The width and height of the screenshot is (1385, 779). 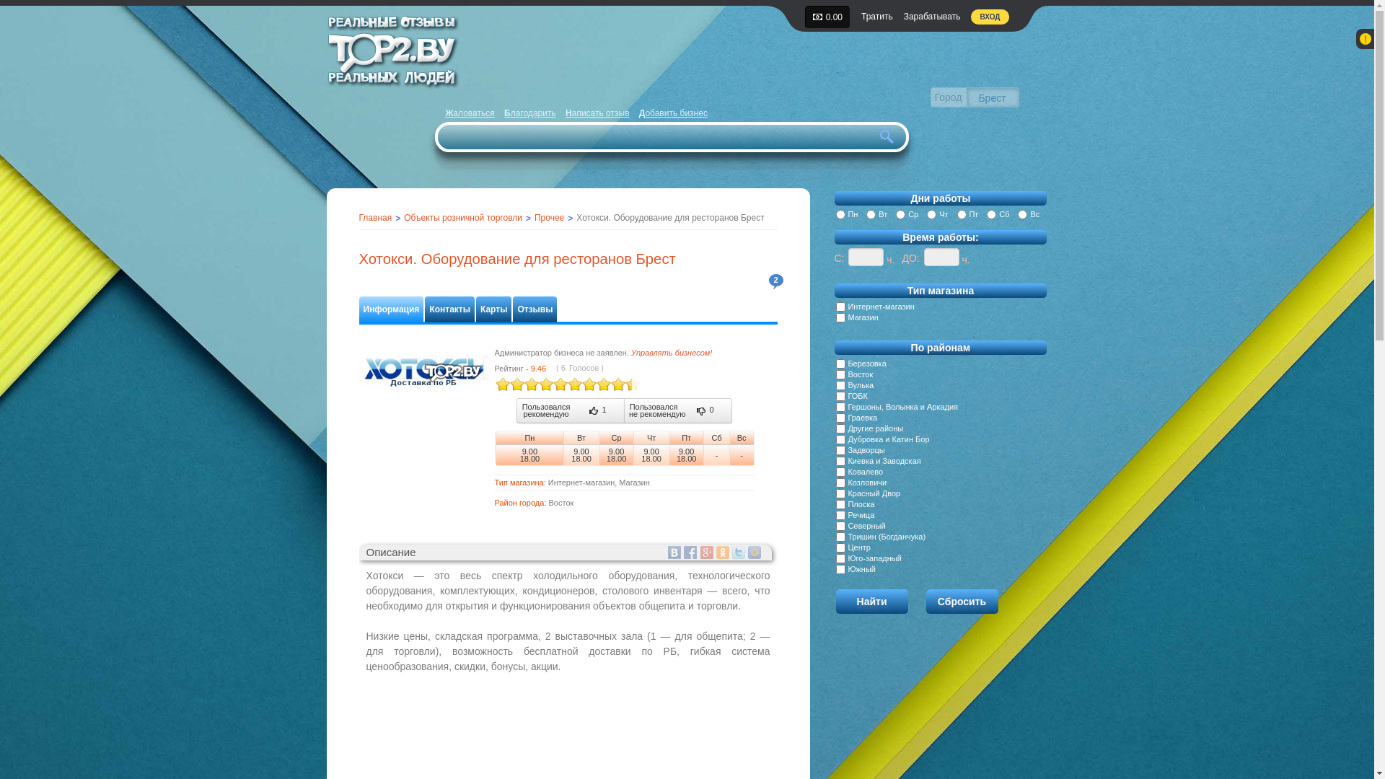 I want to click on '4', so click(x=522, y=383).